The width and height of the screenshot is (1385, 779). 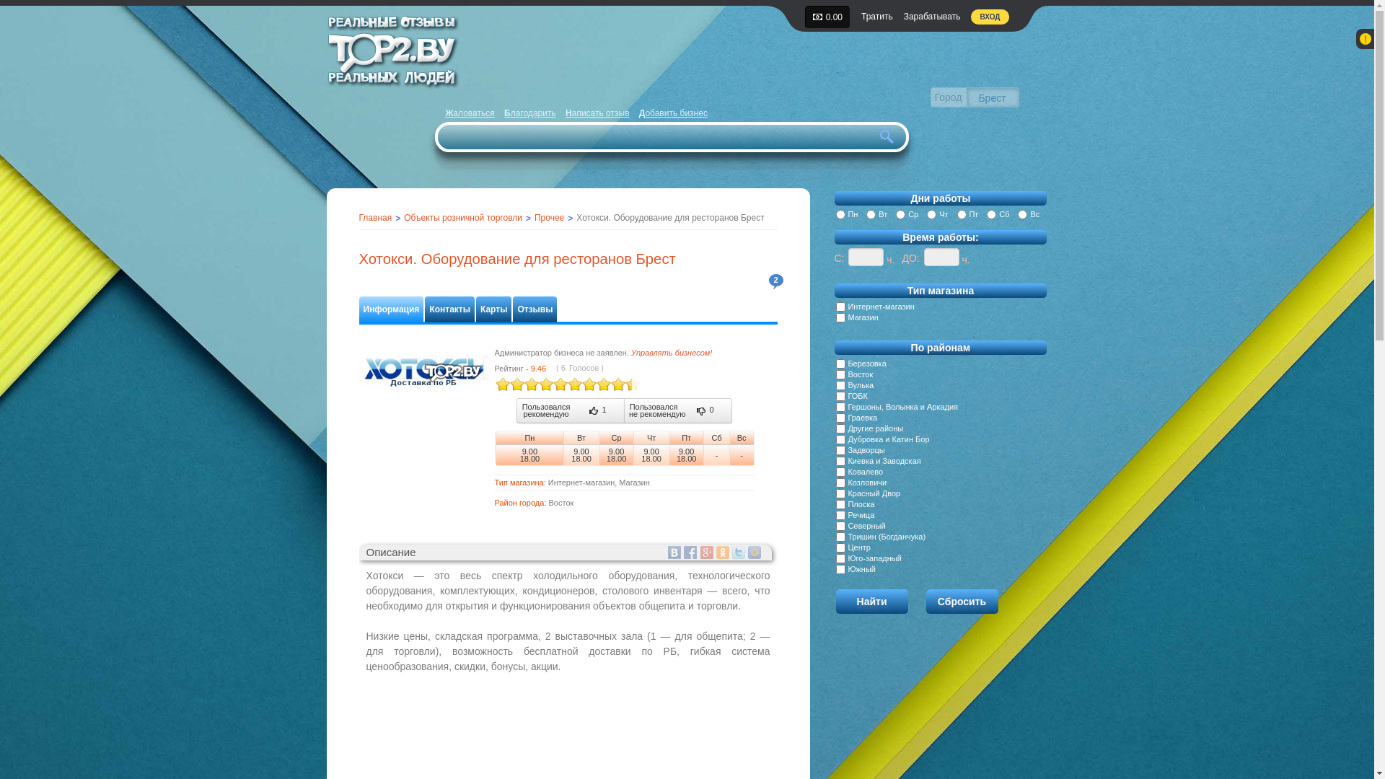 I want to click on '4', so click(x=522, y=383).